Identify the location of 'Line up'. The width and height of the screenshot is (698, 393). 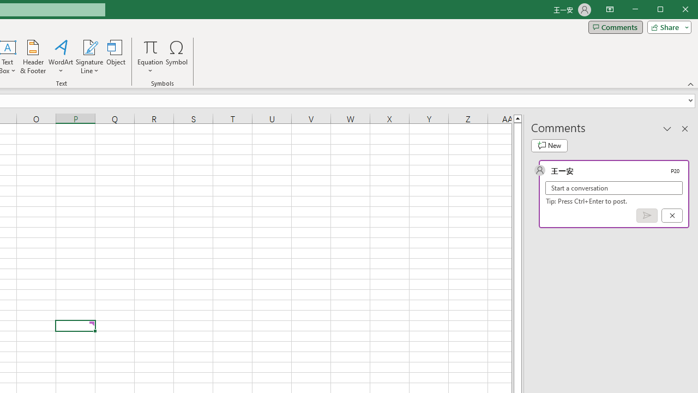
(517, 118).